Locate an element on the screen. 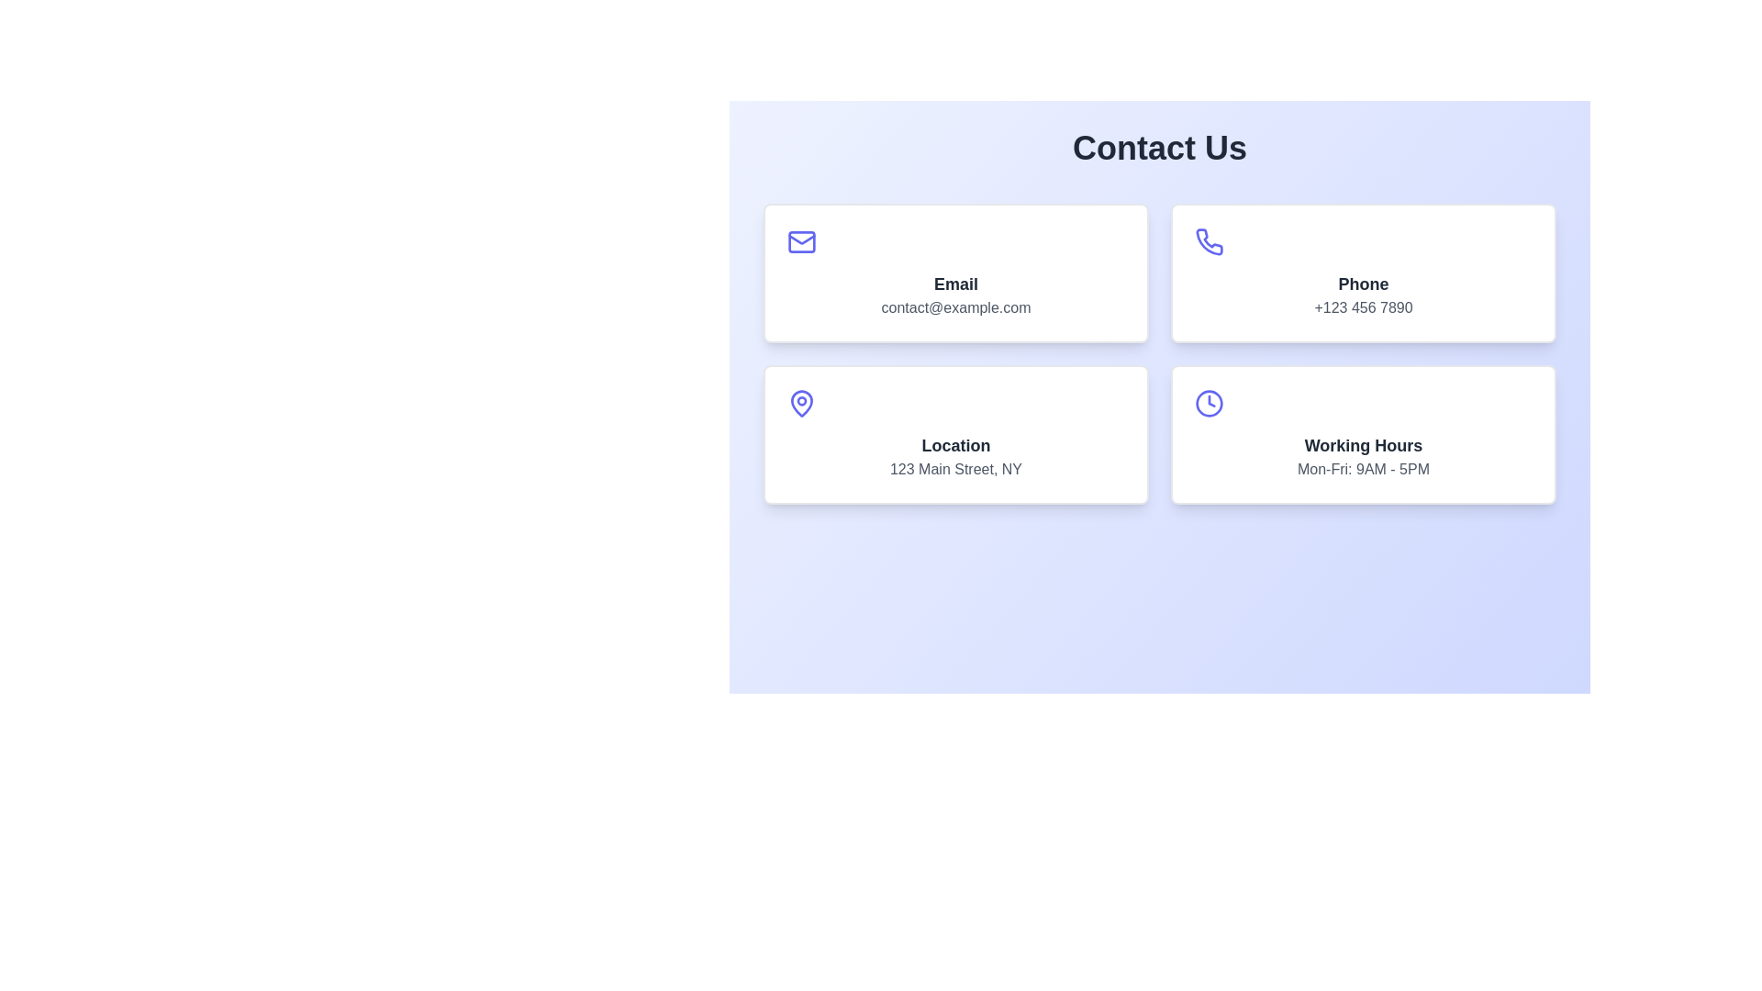  the static text label displaying 'Mon-Fri: 9AM - 5PM' located below the title 'Working Hours' in the bottom-right card of the layout is located at coordinates (1364, 469).